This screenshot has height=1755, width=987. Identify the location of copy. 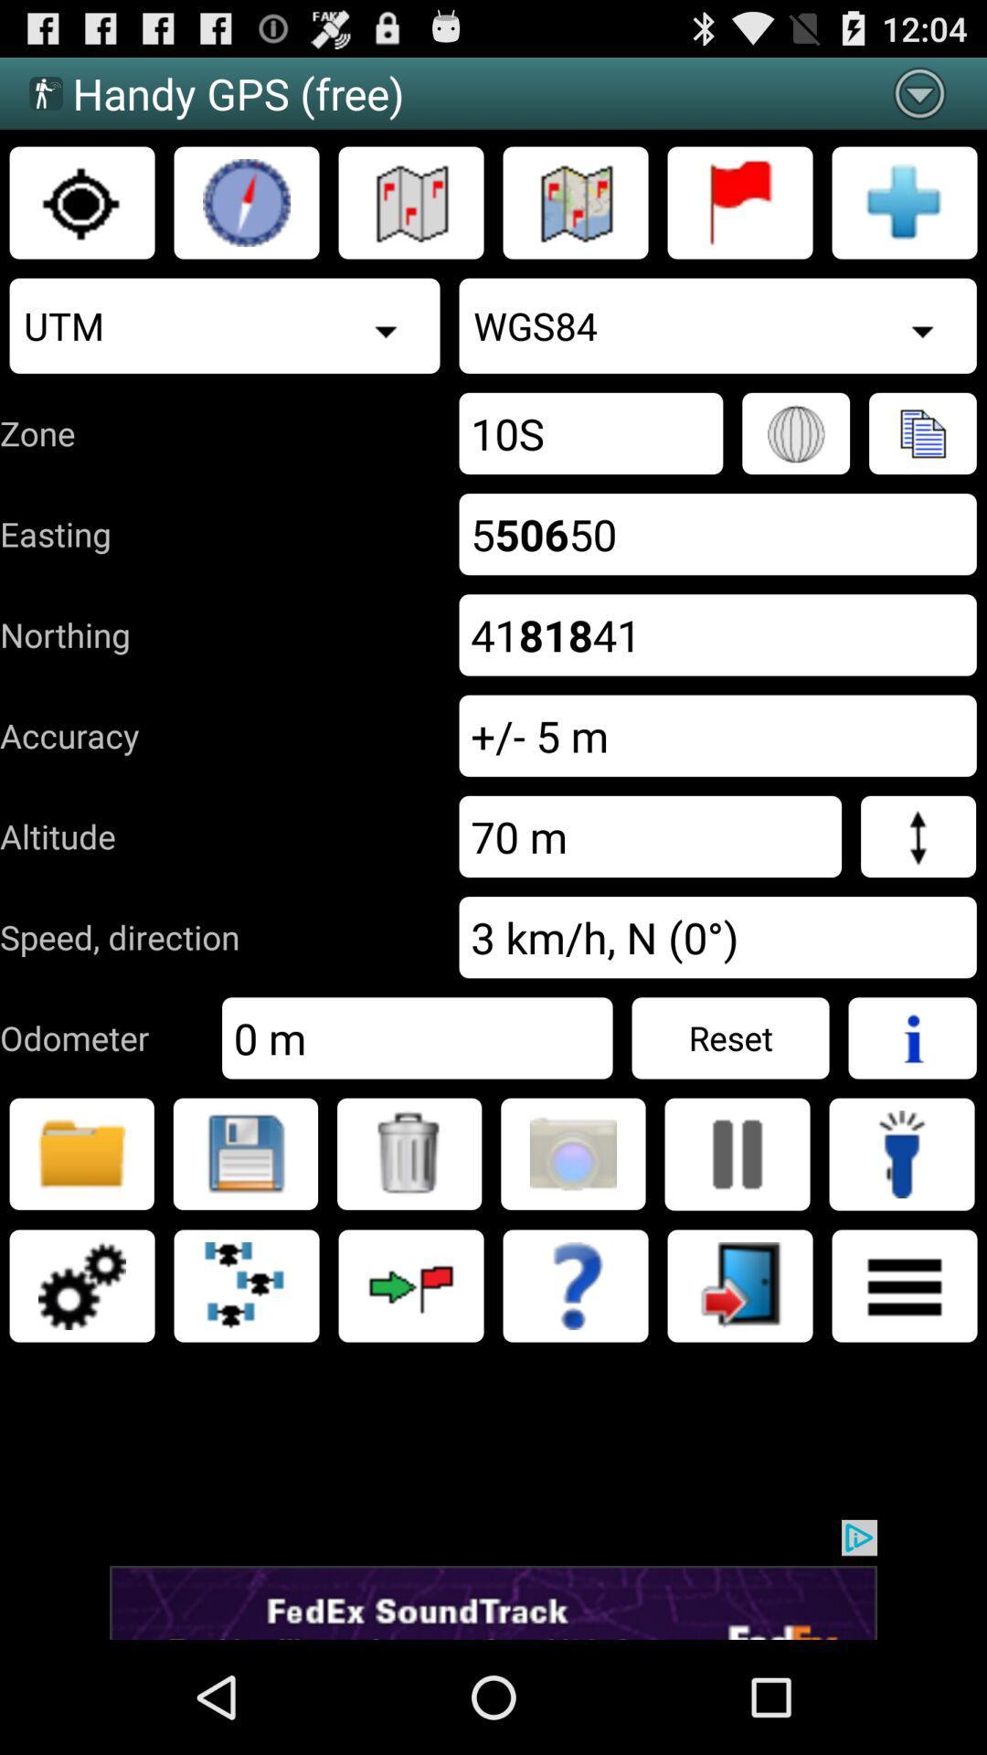
(922, 432).